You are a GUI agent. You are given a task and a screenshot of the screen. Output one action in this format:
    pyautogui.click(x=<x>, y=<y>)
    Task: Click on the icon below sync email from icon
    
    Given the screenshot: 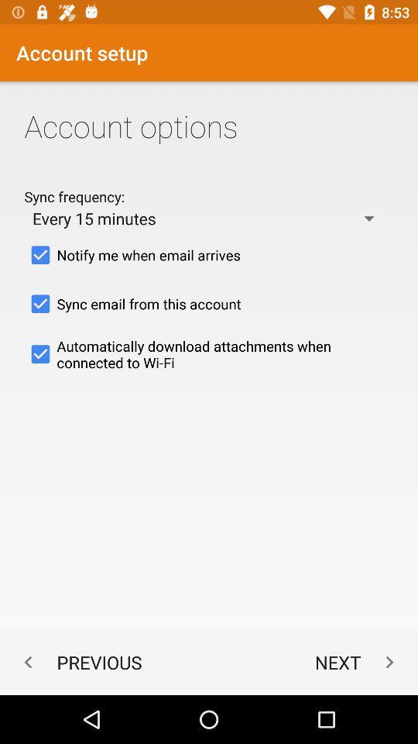 What is the action you would take?
    pyautogui.click(x=209, y=354)
    